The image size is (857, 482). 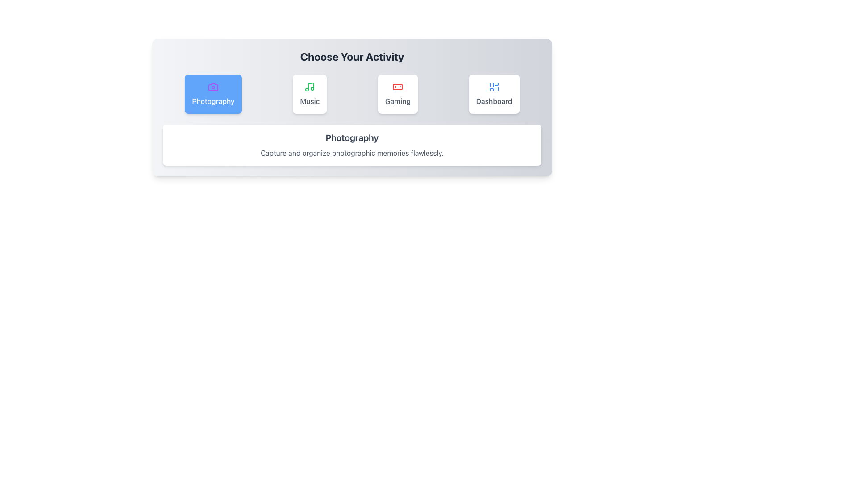 What do you see at coordinates (397, 94) in the screenshot?
I see `the 'Gaming' button, which is the card-styled button featuring a gaming controller icon and text underneath, positioned third in a row of four cards` at bounding box center [397, 94].